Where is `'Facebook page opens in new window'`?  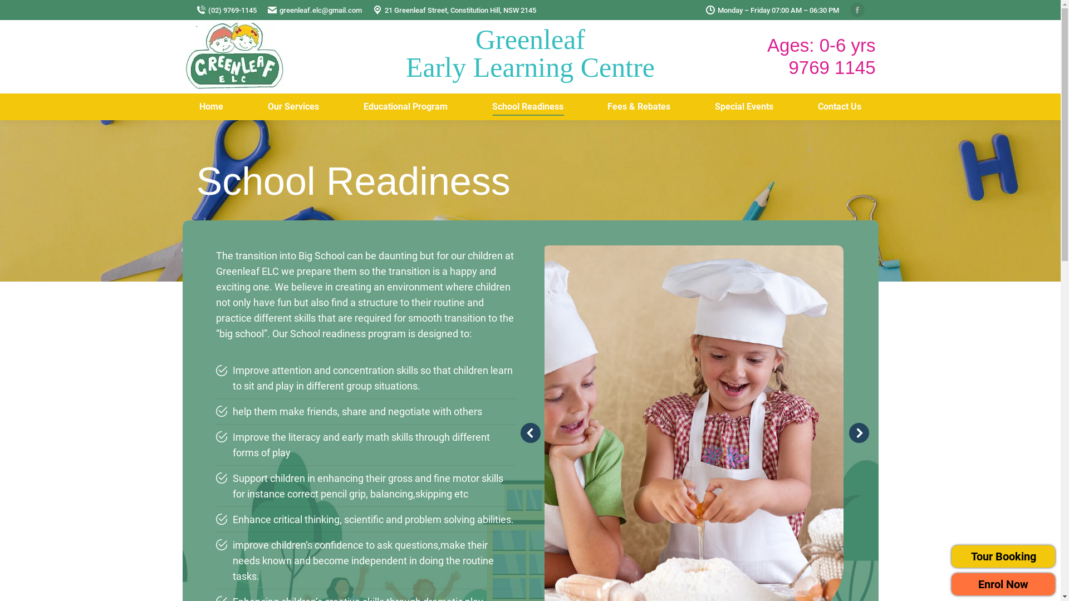 'Facebook page opens in new window' is located at coordinates (849, 10).